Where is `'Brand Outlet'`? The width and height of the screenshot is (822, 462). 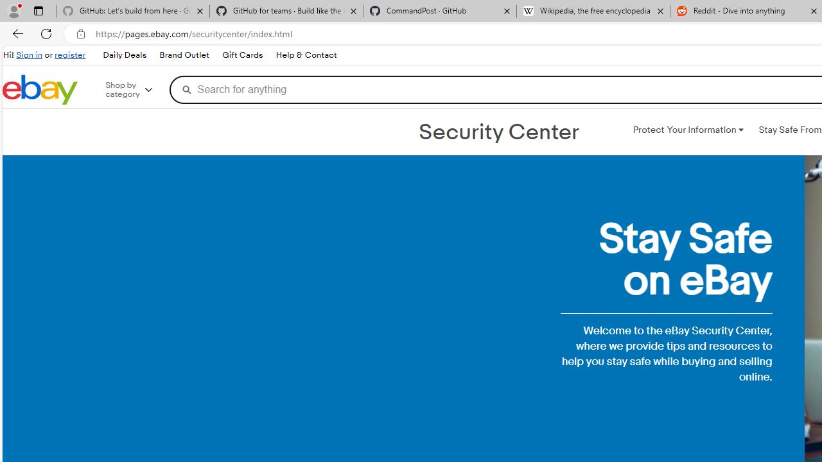
'Brand Outlet' is located at coordinates (183, 55).